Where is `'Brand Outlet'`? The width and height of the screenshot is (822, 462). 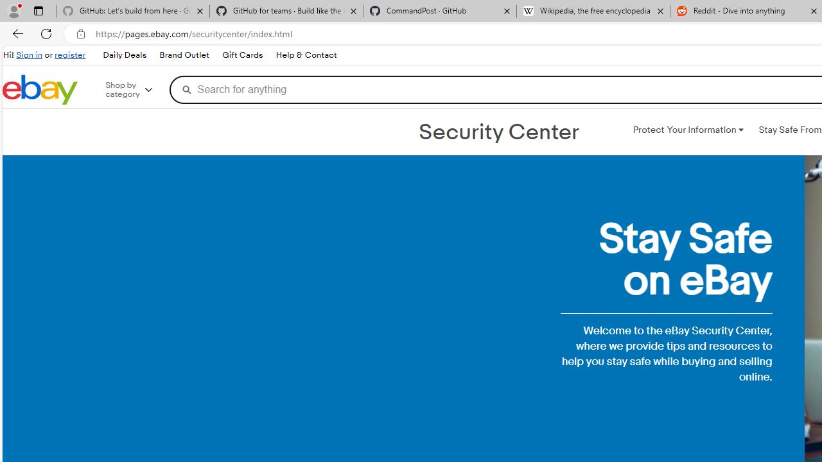
'Brand Outlet' is located at coordinates (183, 55).